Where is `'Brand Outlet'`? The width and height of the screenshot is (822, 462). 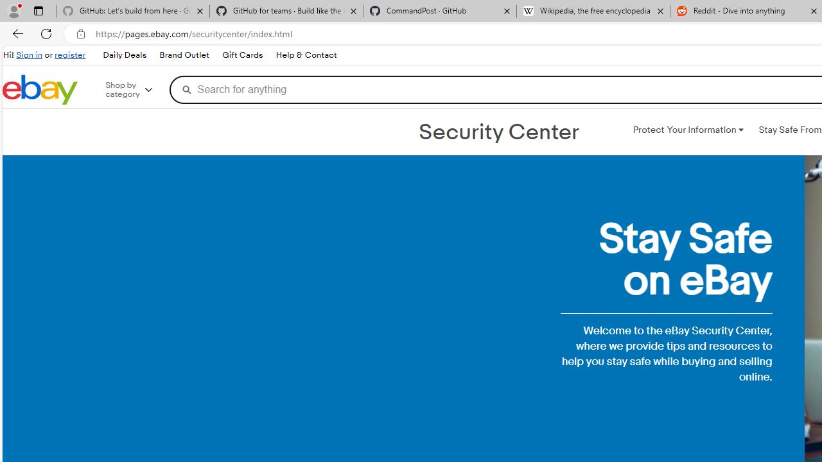
'Brand Outlet' is located at coordinates (183, 55).